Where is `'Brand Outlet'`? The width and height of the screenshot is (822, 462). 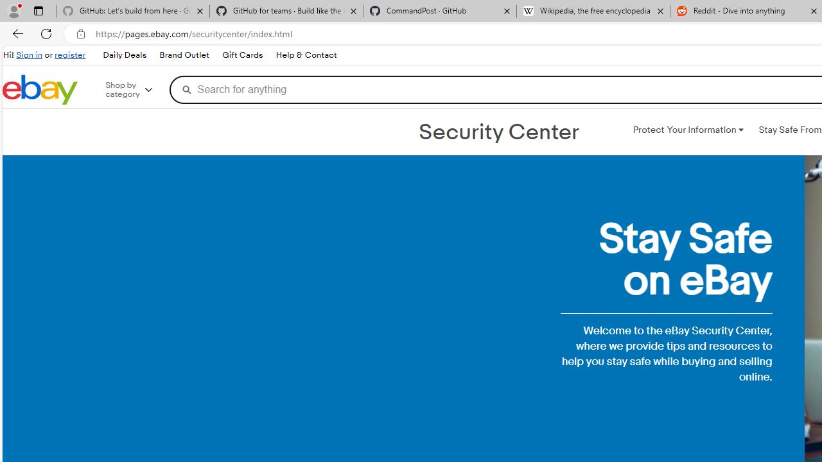
'Brand Outlet' is located at coordinates (183, 55).